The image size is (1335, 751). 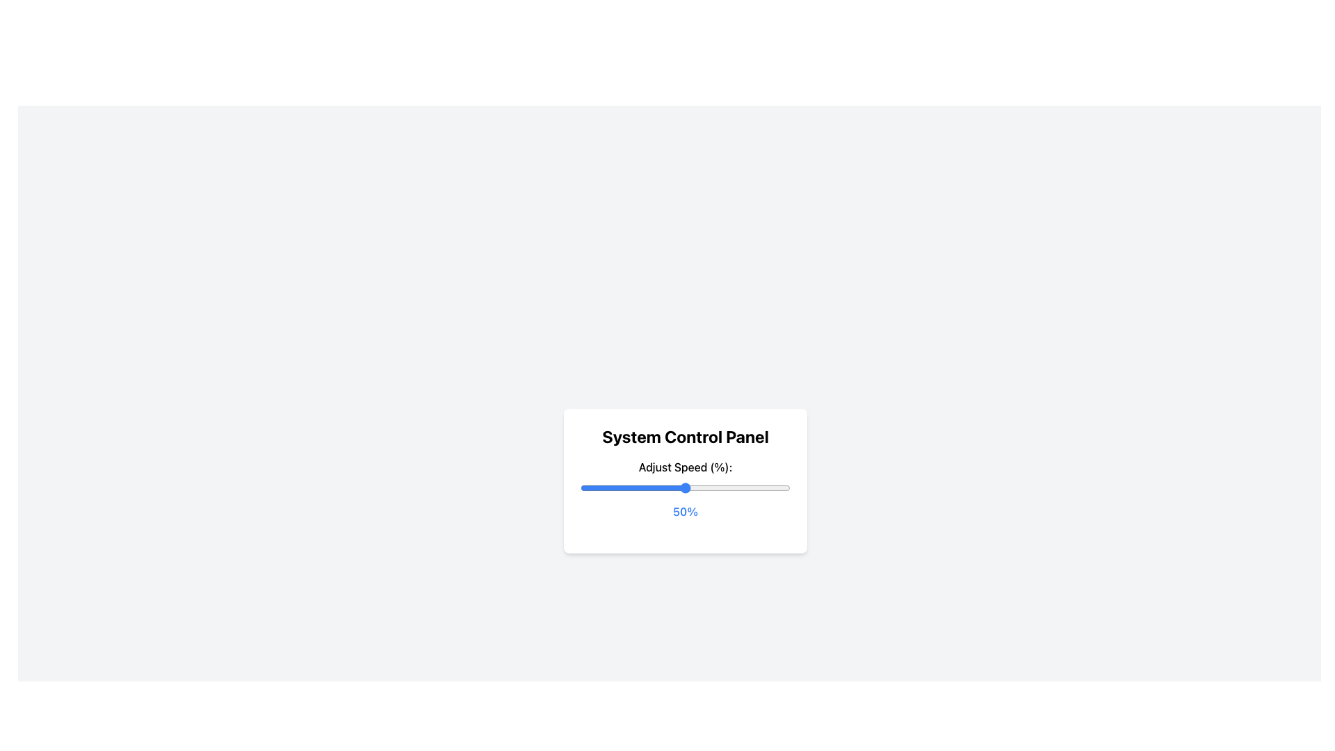 I want to click on the displayed percentage value of the slider control within the 'System Control Panel' card, which shows '50%', so click(x=685, y=480).